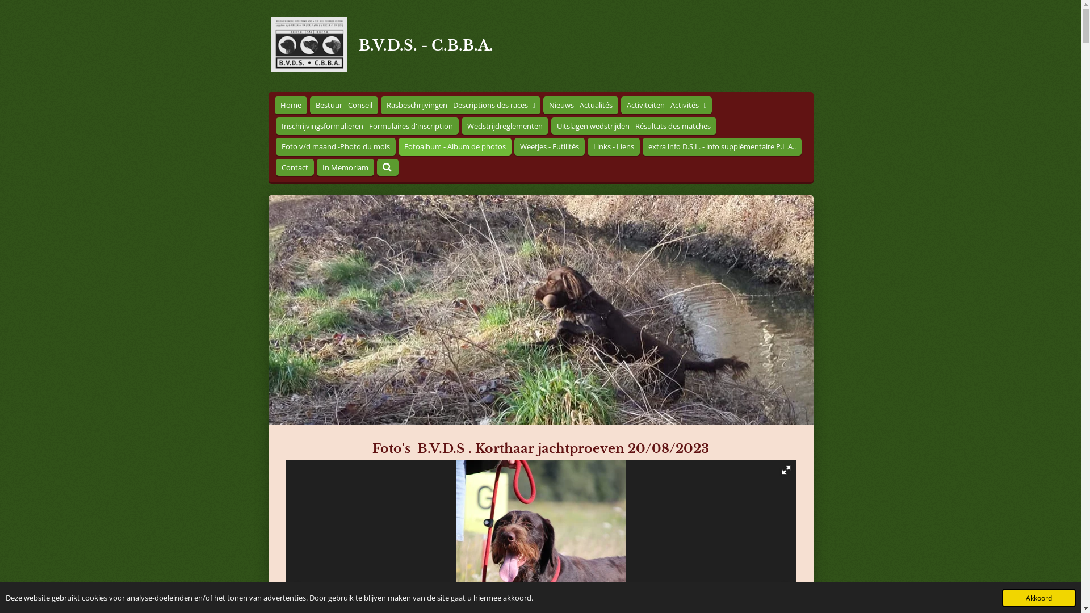  What do you see at coordinates (380, 105) in the screenshot?
I see `'Rasbeschrijvingen - Descriptions des races'` at bounding box center [380, 105].